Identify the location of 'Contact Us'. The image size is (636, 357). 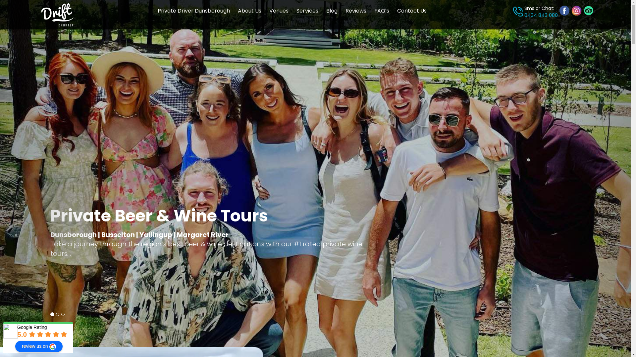
(411, 11).